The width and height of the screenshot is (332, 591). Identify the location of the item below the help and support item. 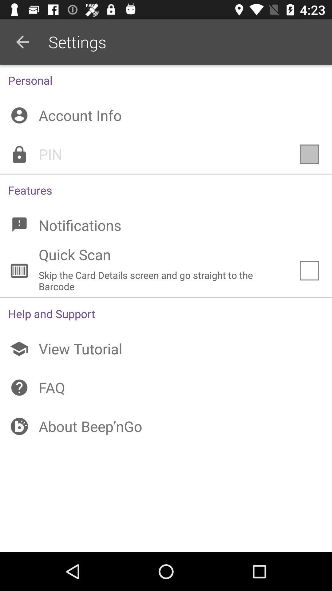
(166, 349).